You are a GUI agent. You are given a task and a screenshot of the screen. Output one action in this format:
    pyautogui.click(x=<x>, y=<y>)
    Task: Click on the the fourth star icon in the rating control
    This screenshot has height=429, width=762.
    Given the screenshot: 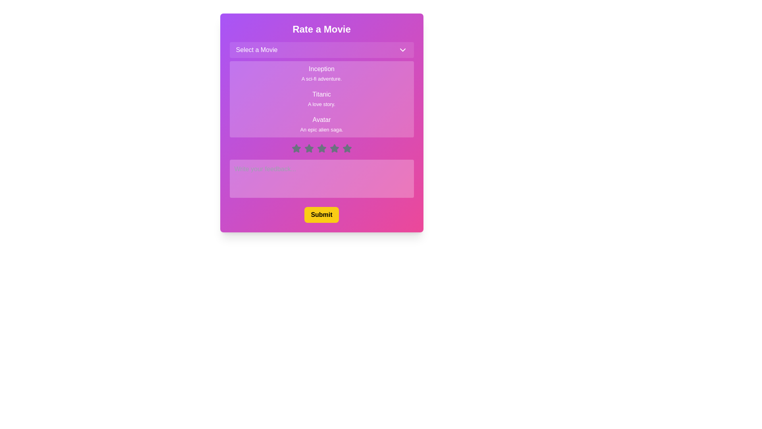 What is the action you would take?
    pyautogui.click(x=321, y=148)
    